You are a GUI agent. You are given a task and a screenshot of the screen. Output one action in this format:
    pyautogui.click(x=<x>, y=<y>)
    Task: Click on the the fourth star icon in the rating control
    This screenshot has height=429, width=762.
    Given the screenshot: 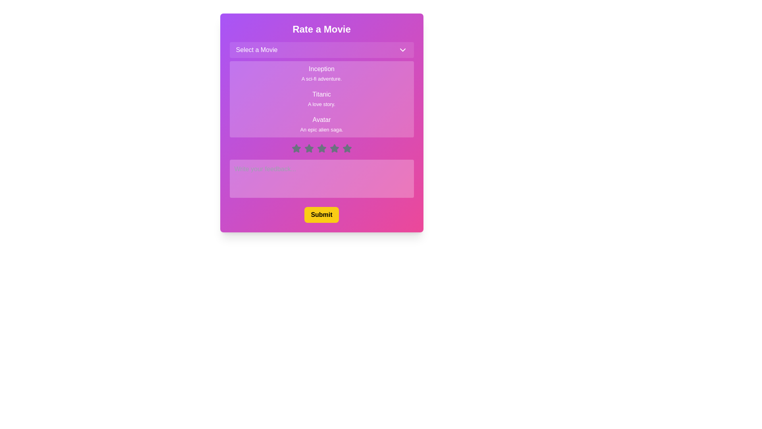 What is the action you would take?
    pyautogui.click(x=321, y=148)
    